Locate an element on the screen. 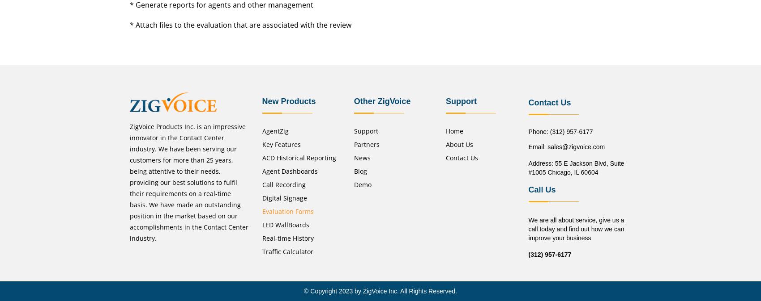  'Agent Dashboards' is located at coordinates (290, 171).